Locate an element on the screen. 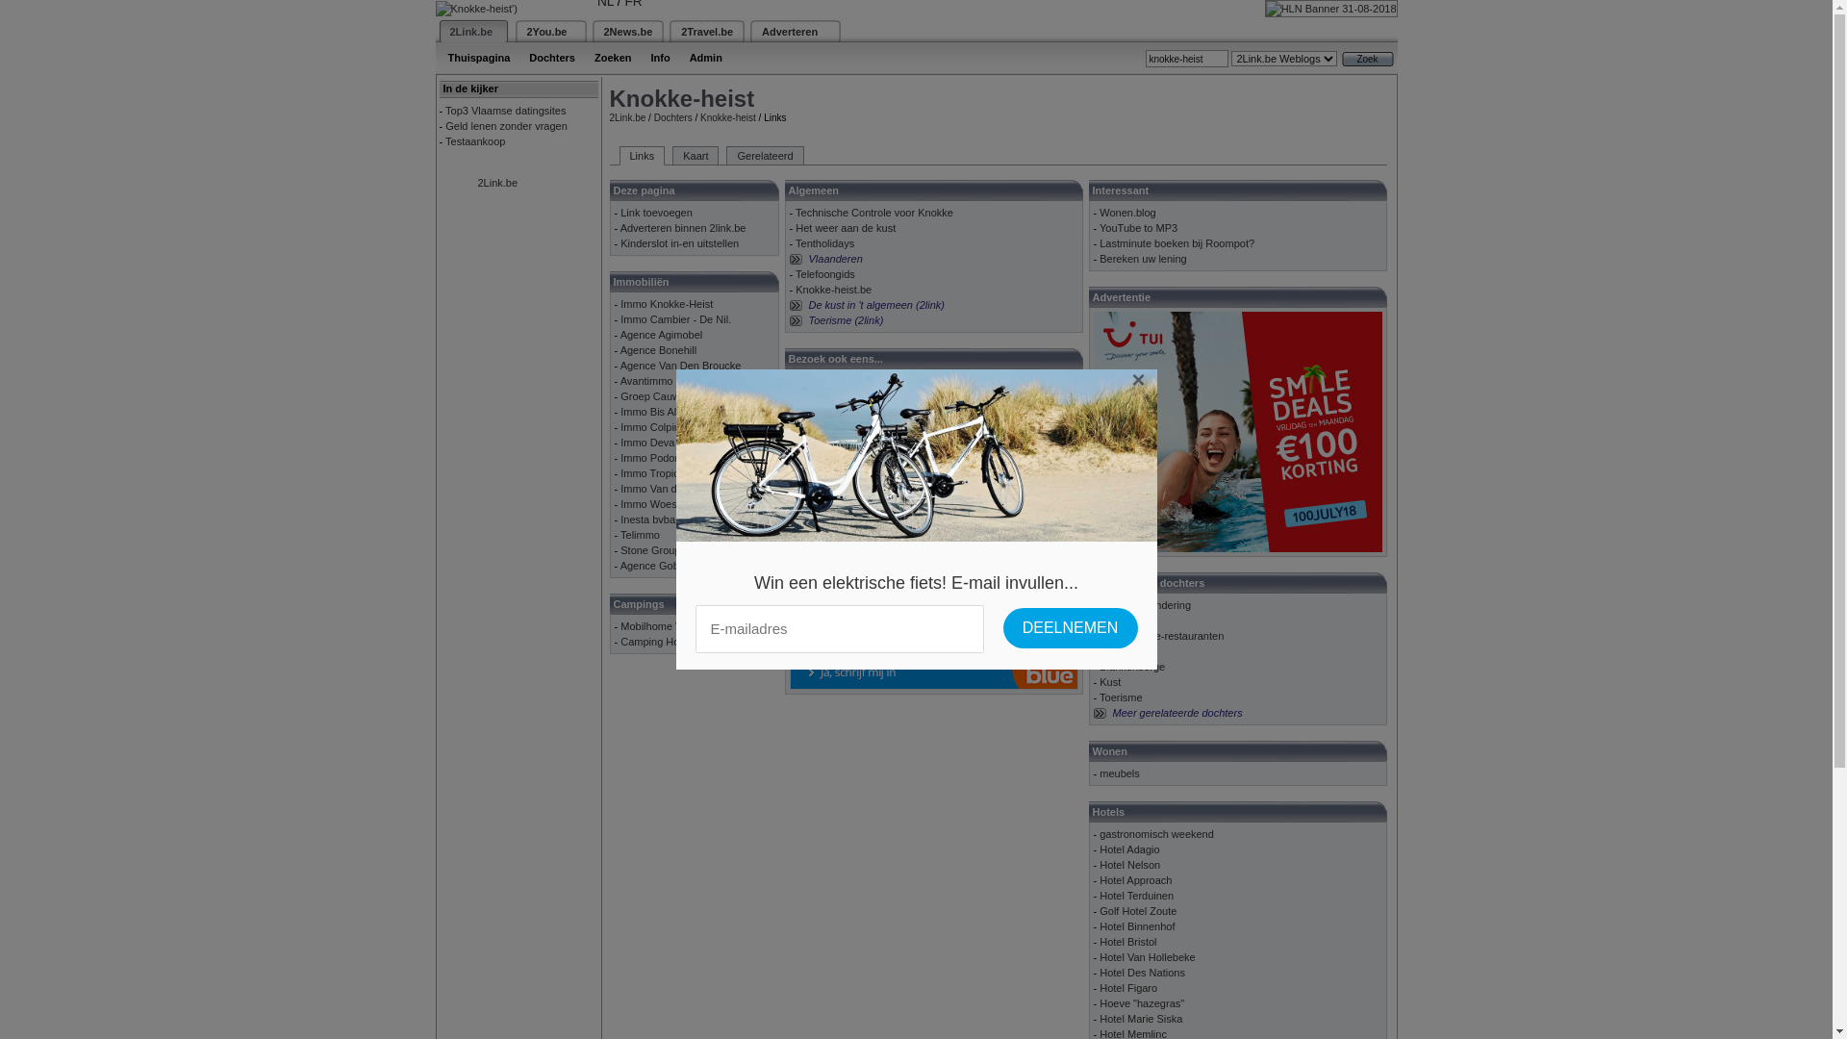 Image resolution: width=1847 pixels, height=1039 pixels. '2Travel.be' is located at coordinates (705, 32).